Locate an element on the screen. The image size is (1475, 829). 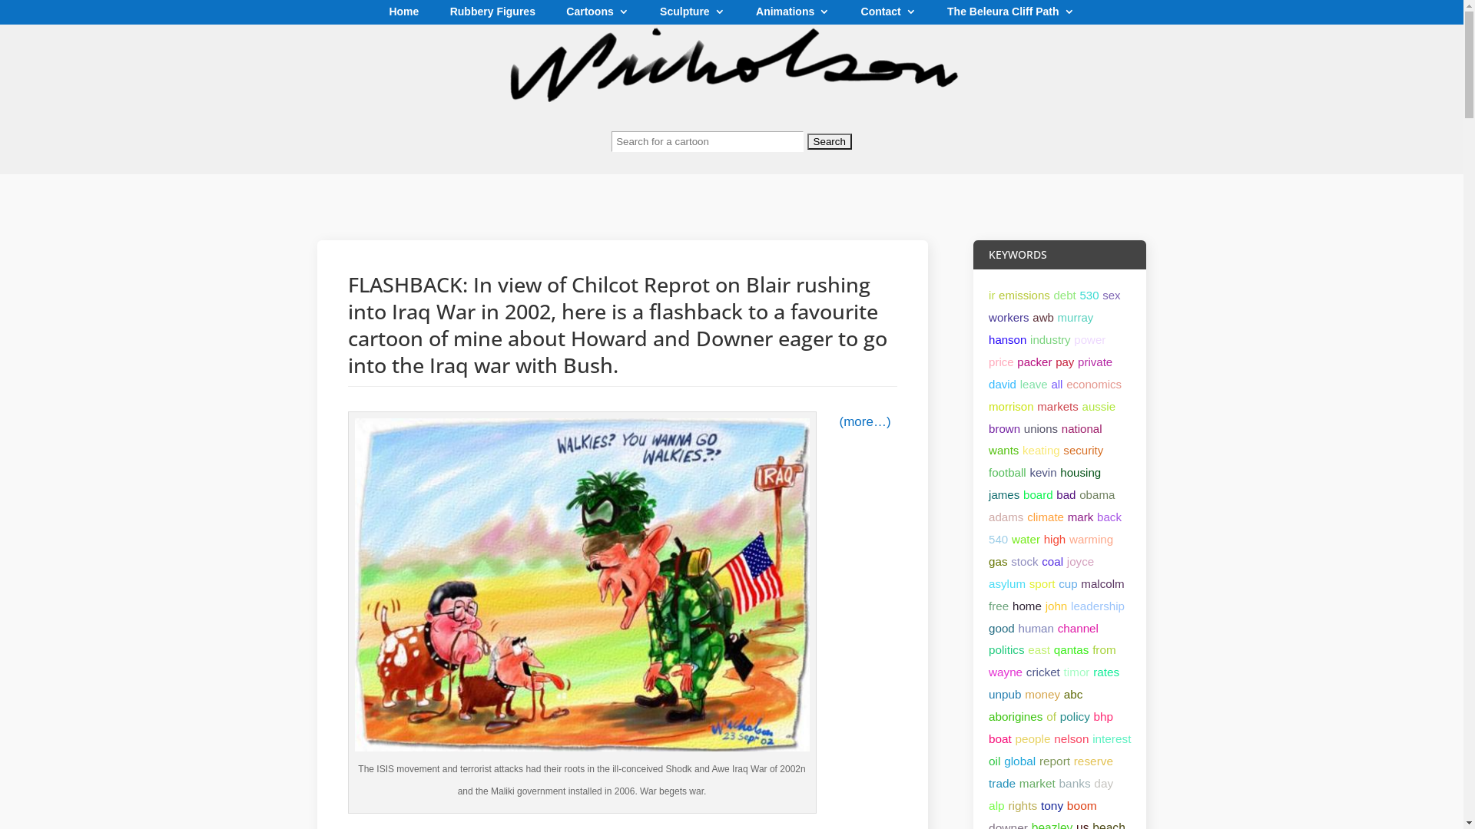
'awb' is located at coordinates (1032, 316).